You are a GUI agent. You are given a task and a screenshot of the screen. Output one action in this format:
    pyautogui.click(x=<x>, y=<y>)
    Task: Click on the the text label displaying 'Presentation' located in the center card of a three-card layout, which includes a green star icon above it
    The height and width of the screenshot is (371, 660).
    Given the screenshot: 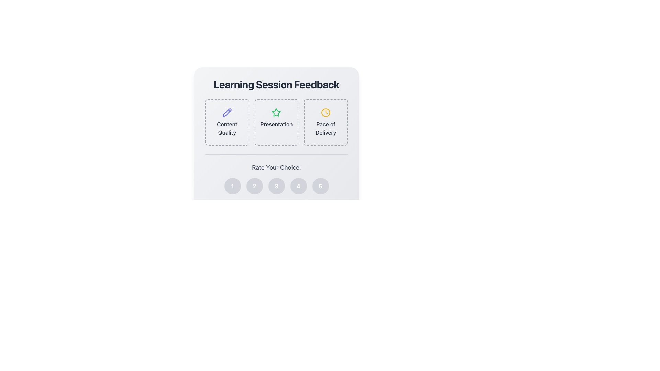 What is the action you would take?
    pyautogui.click(x=276, y=124)
    